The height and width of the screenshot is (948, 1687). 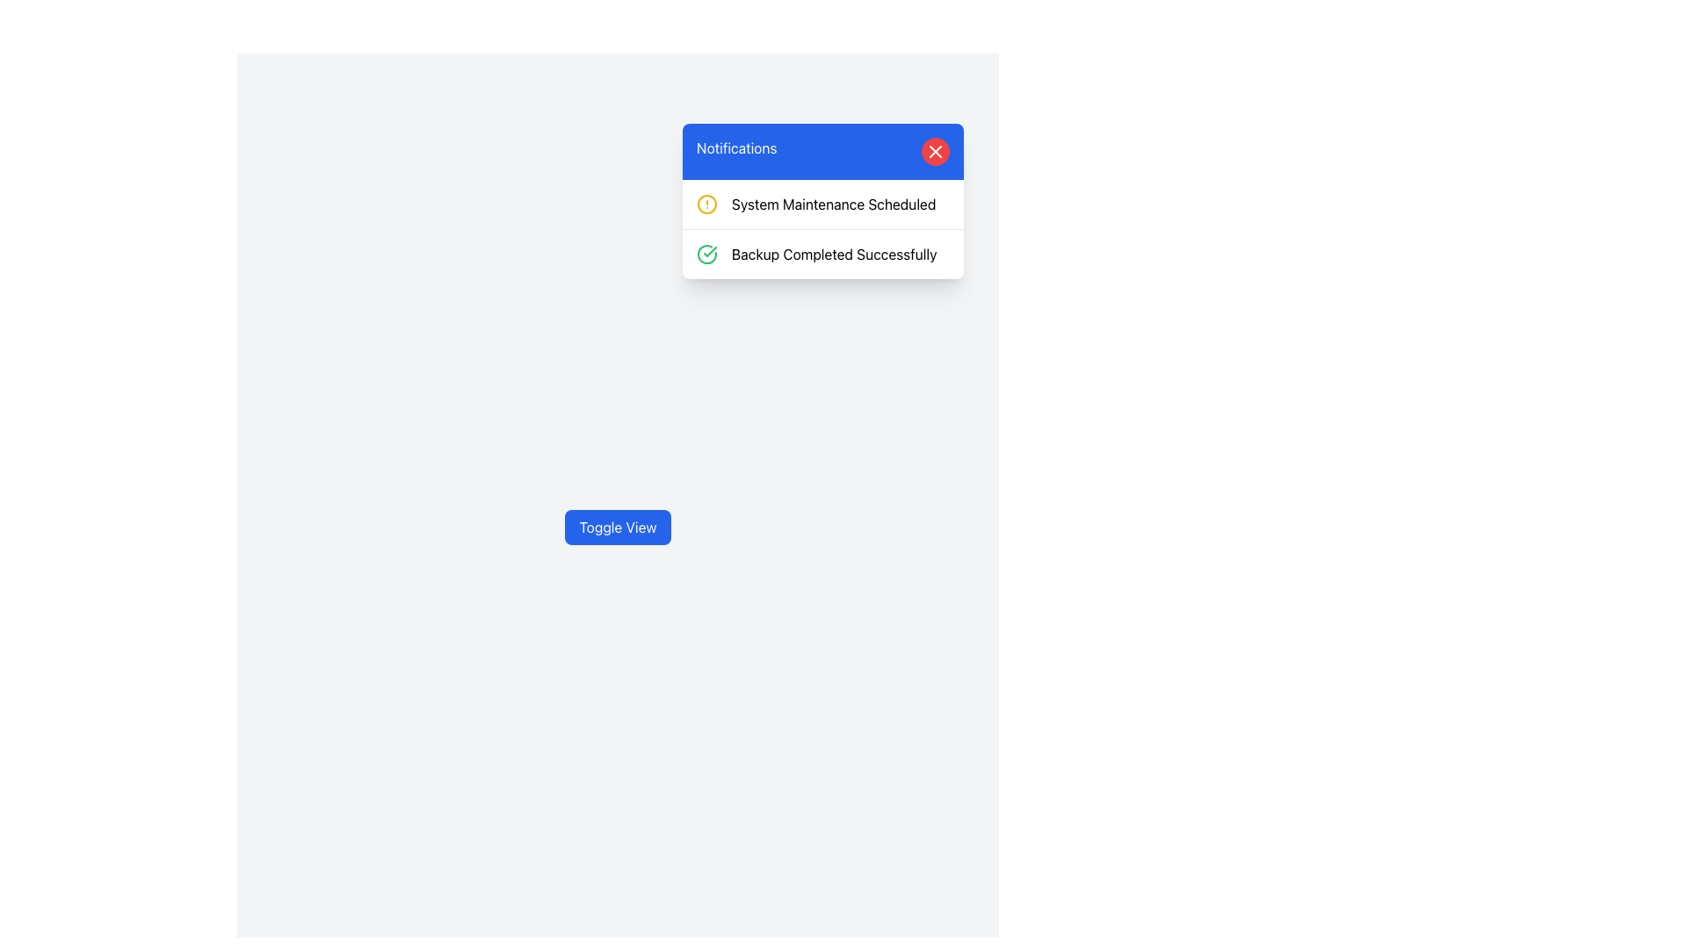 I want to click on displayed message 'Backup Completed Successfully' from the second notification item in the notification card located near the top right of the interface, so click(x=833, y=254).